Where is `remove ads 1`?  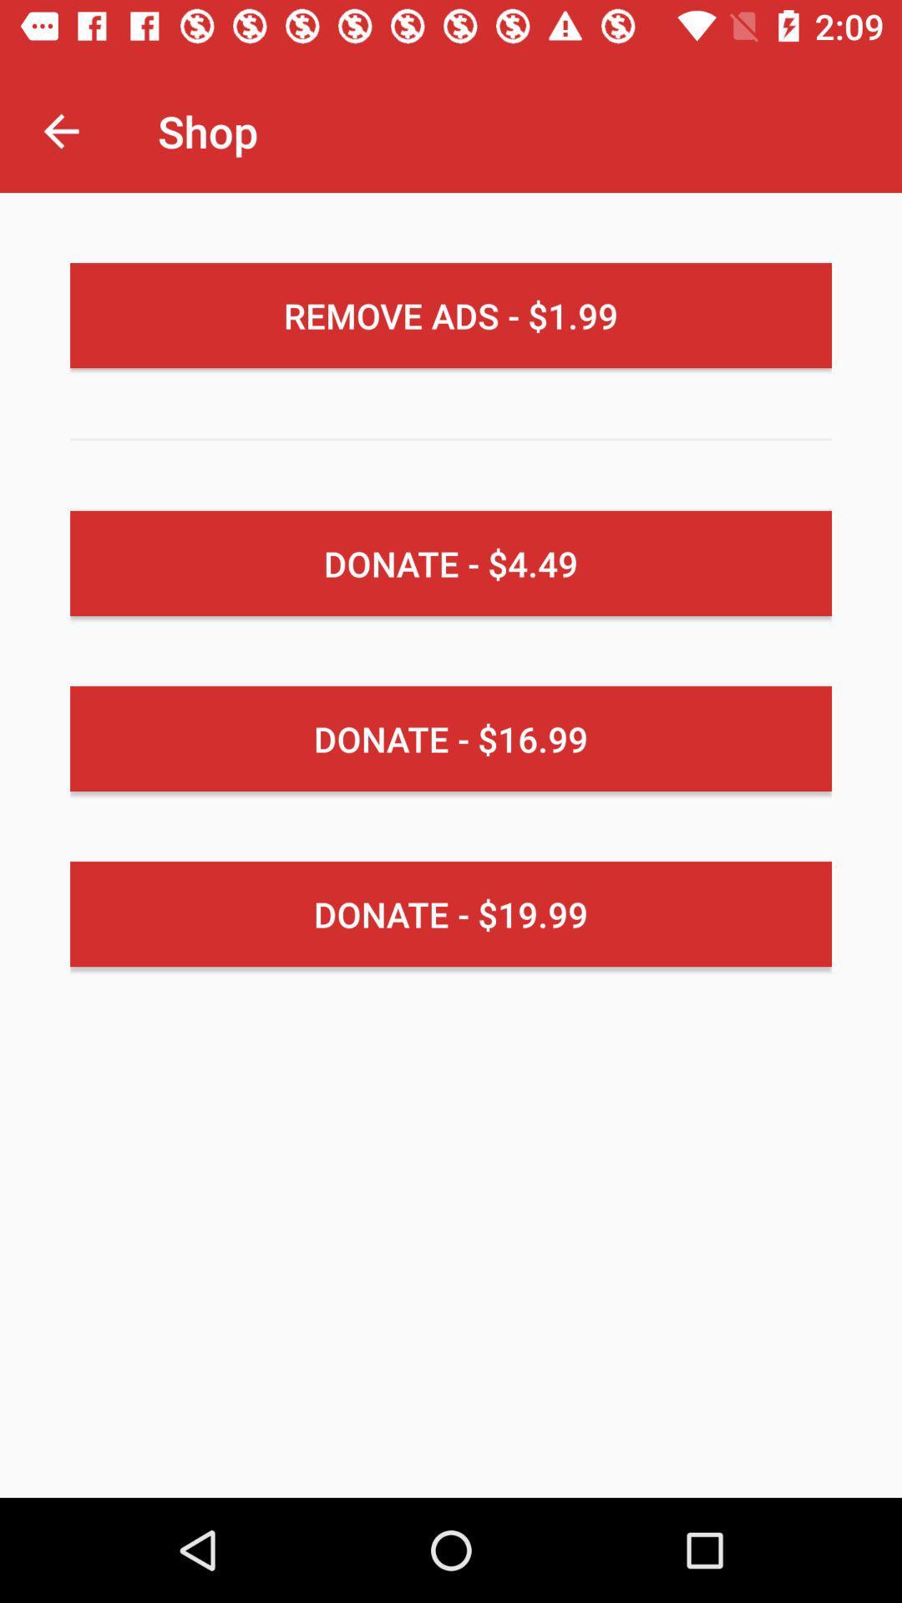
remove ads 1 is located at coordinates (451, 316).